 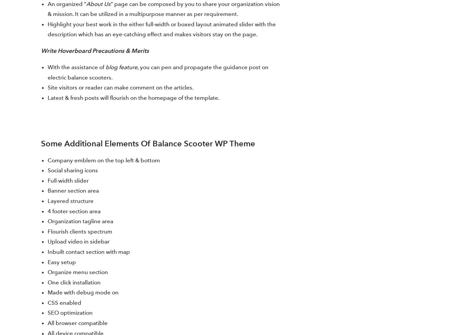 What do you see at coordinates (78, 271) in the screenshot?
I see `'Organize menu section'` at bounding box center [78, 271].